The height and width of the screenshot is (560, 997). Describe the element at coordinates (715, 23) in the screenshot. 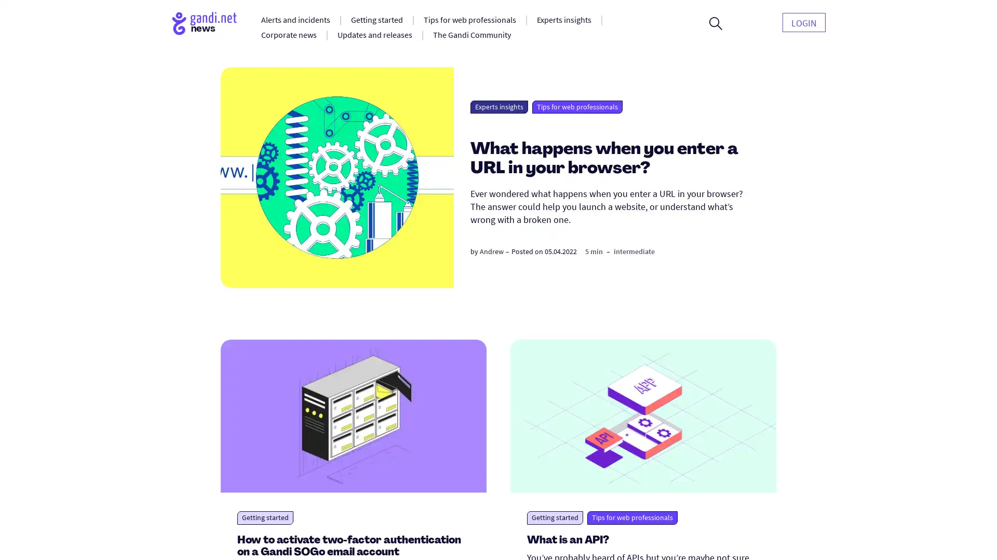

I see `Open search form` at that location.